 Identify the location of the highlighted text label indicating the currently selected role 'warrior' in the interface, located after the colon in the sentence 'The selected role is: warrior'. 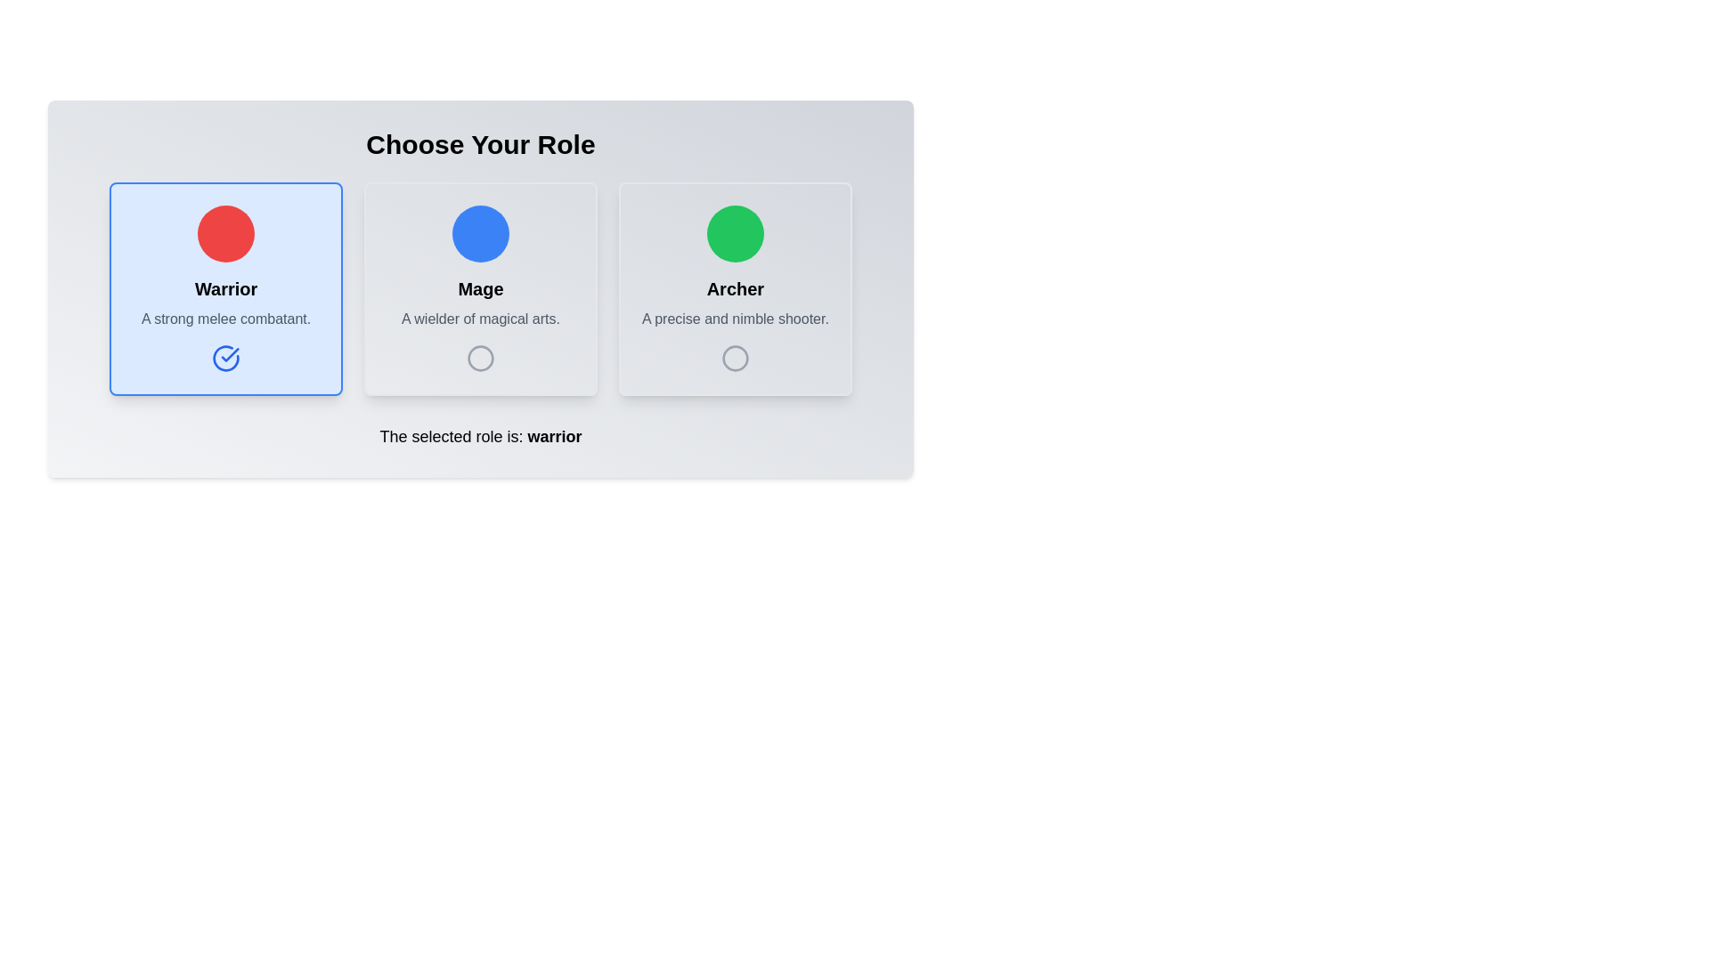
(554, 436).